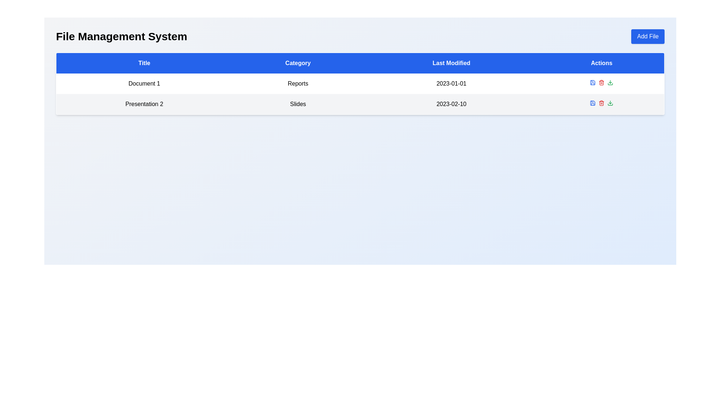 The image size is (703, 395). What do you see at coordinates (451, 104) in the screenshot?
I see `the static text element displaying '2023-02-10' located in the 'Last Modified' column of the table, specifically the third cell in the second row under 'Presentation 2'` at bounding box center [451, 104].